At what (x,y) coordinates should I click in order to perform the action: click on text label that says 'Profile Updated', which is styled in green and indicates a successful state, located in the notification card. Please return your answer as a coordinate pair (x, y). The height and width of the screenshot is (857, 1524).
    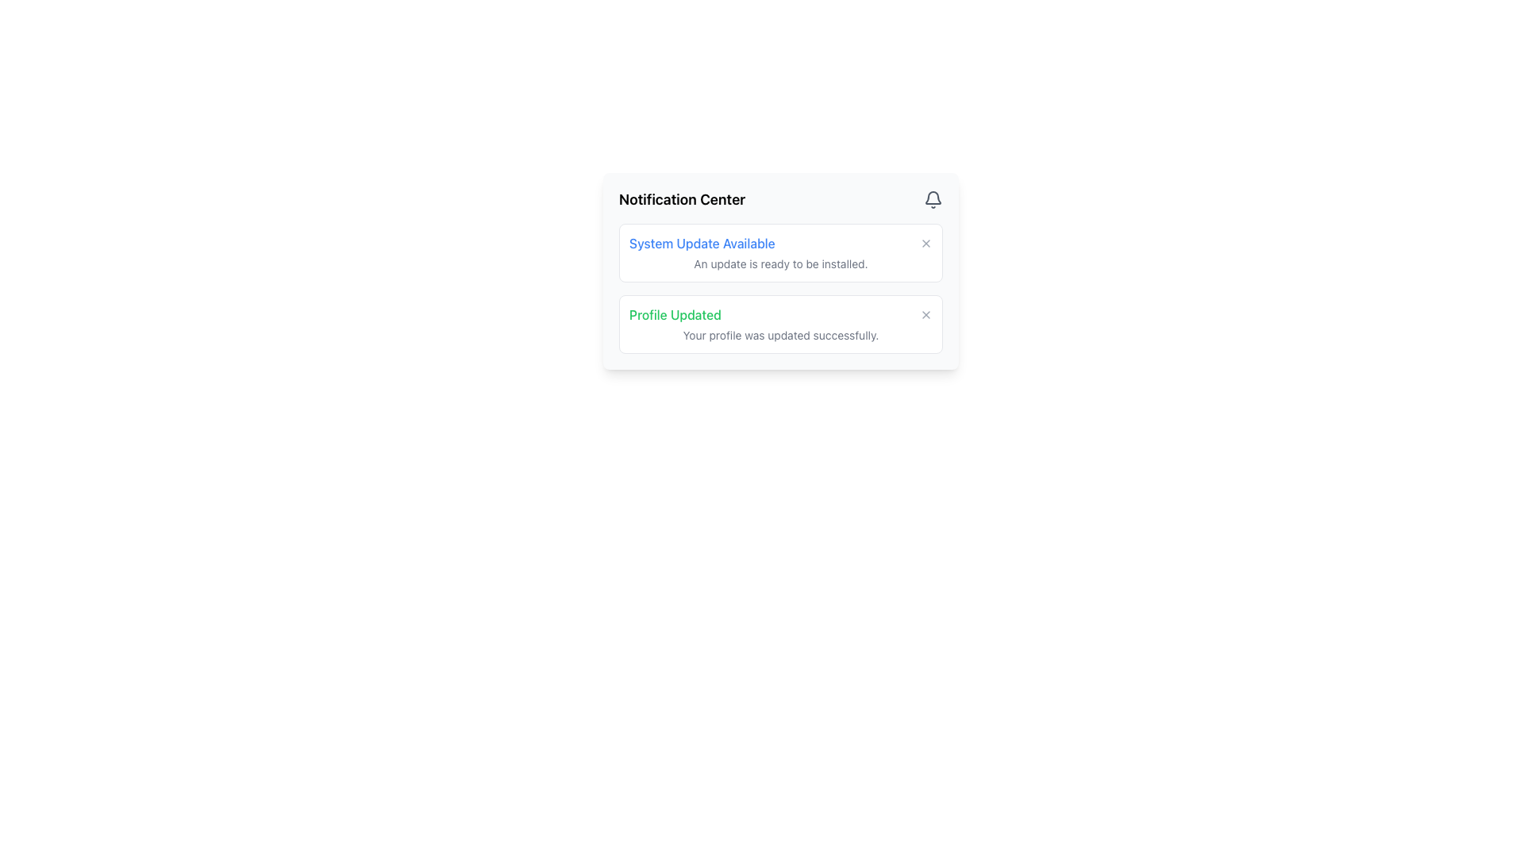
    Looking at the image, I should click on (675, 315).